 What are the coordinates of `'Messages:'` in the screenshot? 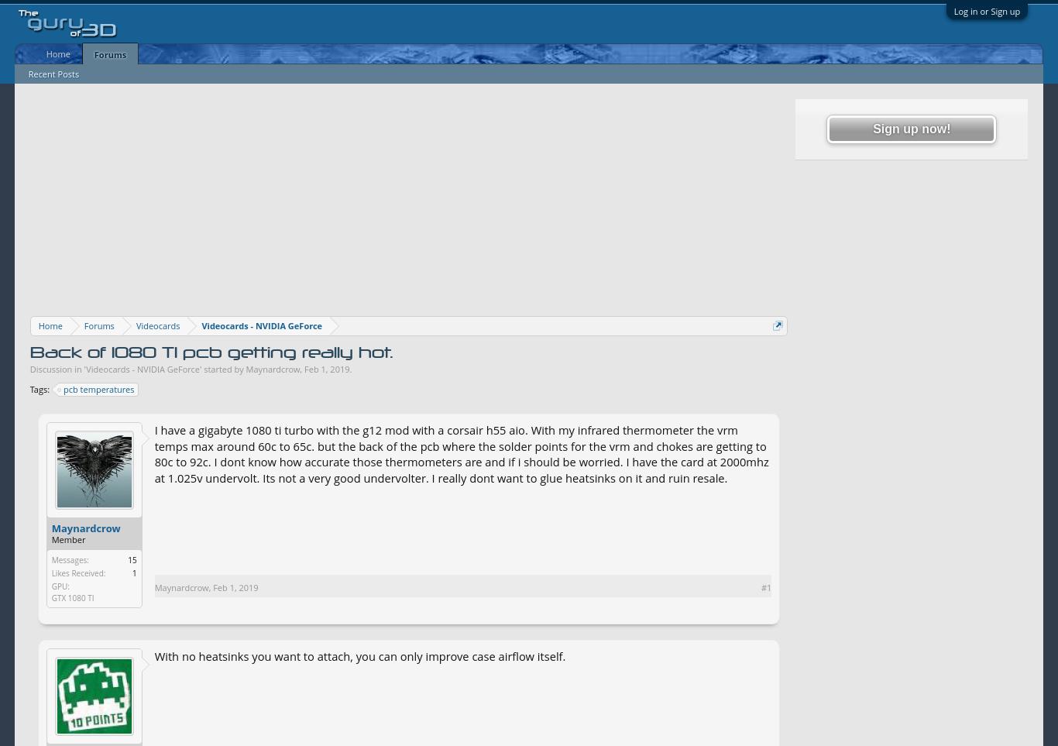 It's located at (70, 559).